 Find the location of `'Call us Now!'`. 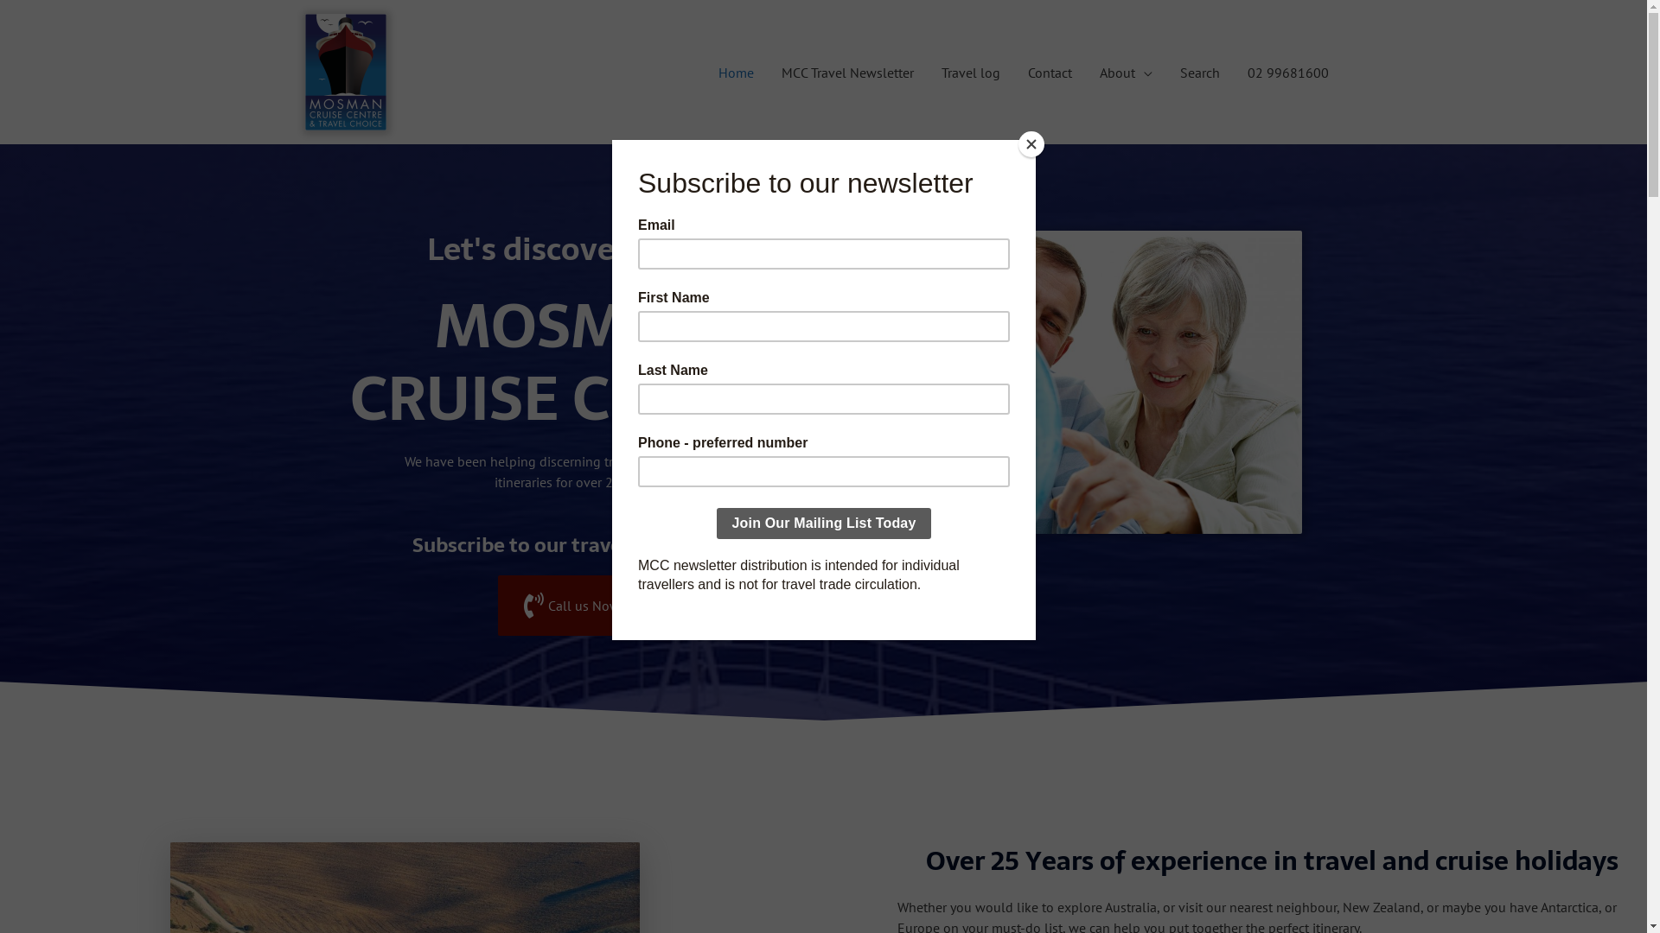

'Call us Now!' is located at coordinates (573, 605).